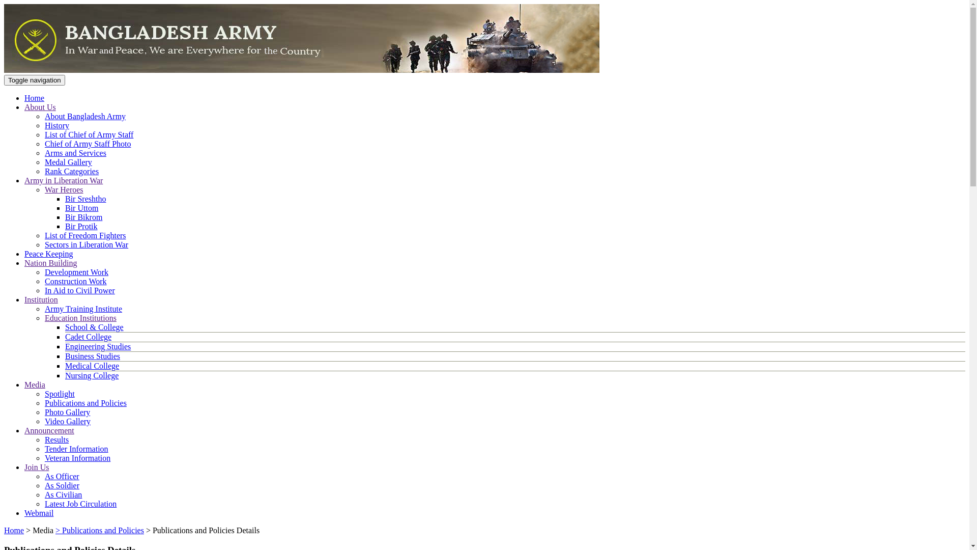 The width and height of the screenshot is (977, 550). What do you see at coordinates (80, 503) in the screenshot?
I see `'Latest Job Circulation'` at bounding box center [80, 503].